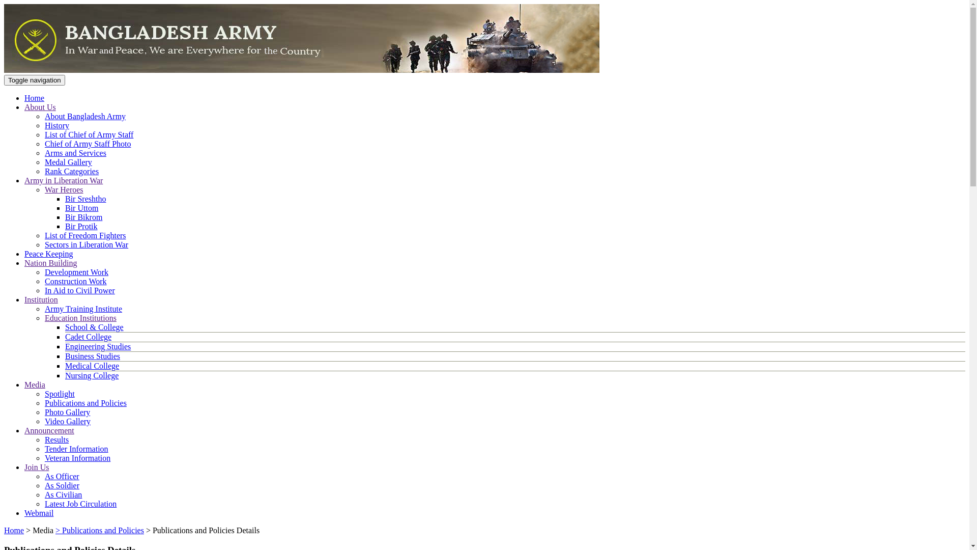 The width and height of the screenshot is (977, 550). What do you see at coordinates (80, 503) in the screenshot?
I see `'Latest Job Circulation'` at bounding box center [80, 503].